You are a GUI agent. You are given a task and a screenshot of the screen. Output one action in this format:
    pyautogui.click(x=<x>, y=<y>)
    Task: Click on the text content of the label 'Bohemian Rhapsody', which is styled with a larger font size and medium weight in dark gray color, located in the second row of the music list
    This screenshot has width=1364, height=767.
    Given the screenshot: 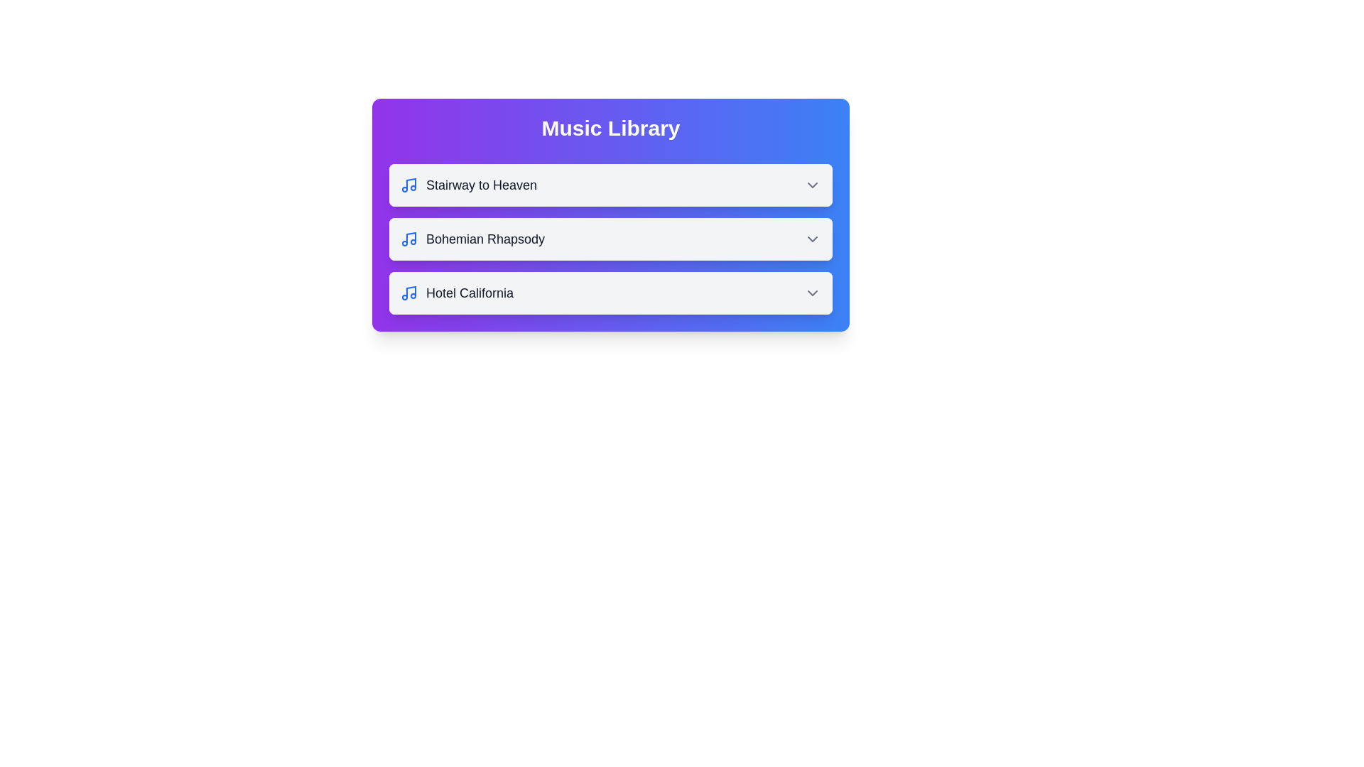 What is the action you would take?
    pyautogui.click(x=485, y=238)
    